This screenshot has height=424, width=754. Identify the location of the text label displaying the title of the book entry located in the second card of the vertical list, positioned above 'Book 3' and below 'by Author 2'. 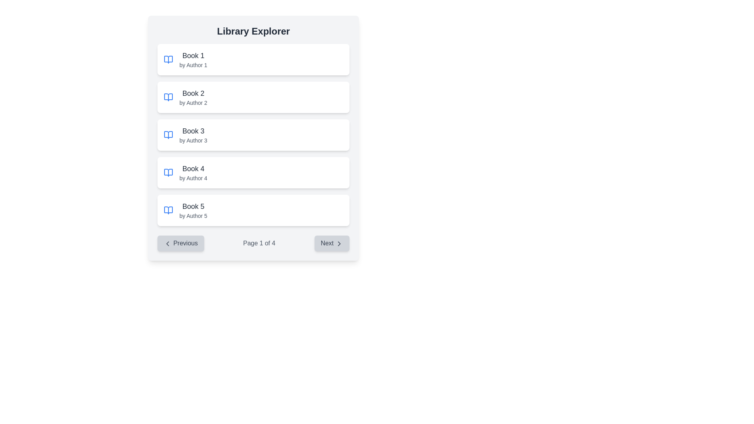
(193, 93).